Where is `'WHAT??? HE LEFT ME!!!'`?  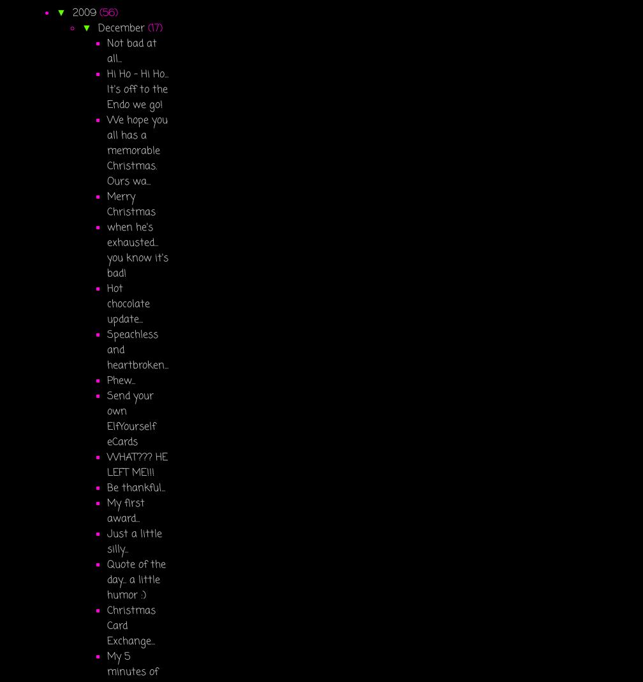
'WHAT??? HE LEFT ME!!!' is located at coordinates (137, 464).